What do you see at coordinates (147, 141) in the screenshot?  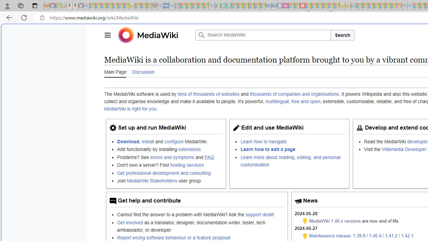 I see `'install'` at bounding box center [147, 141].